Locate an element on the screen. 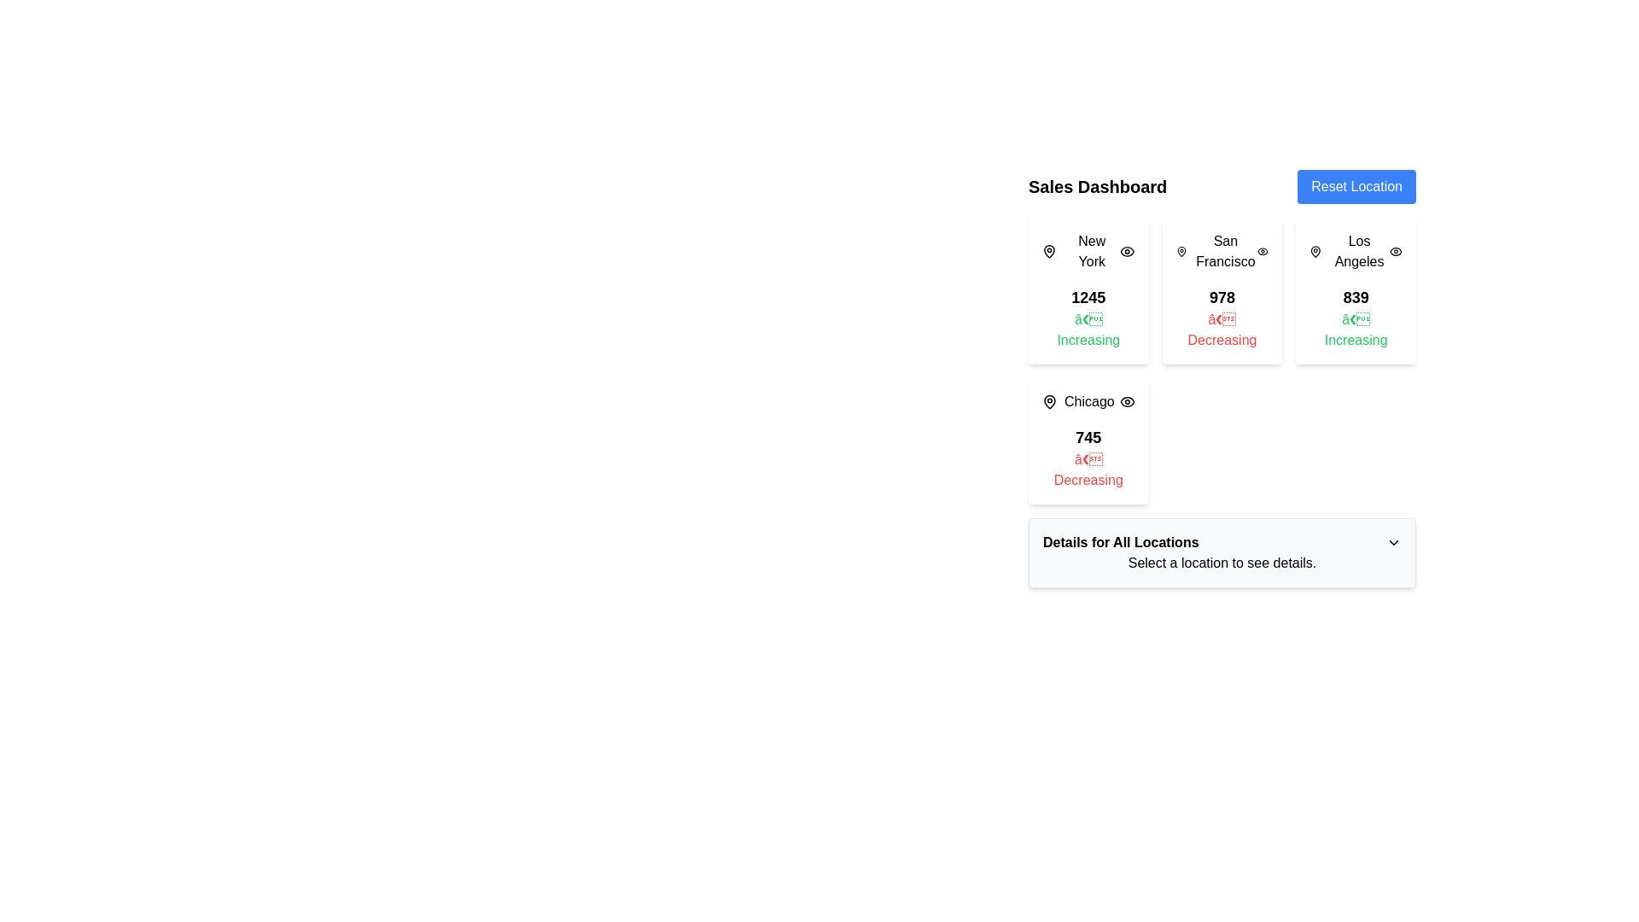 This screenshot has width=1639, height=922. the 'Decreasing' text label with the upward-pointing arrow icon located under the number '745' in the 'Chicago' card is located at coordinates (1088, 470).